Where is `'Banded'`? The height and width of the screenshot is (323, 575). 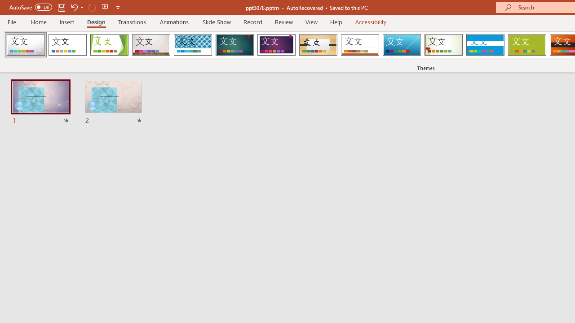 'Banded' is located at coordinates (485, 45).